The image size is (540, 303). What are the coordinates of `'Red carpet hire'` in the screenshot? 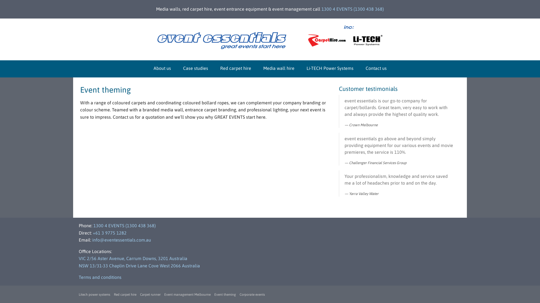 It's located at (214, 68).